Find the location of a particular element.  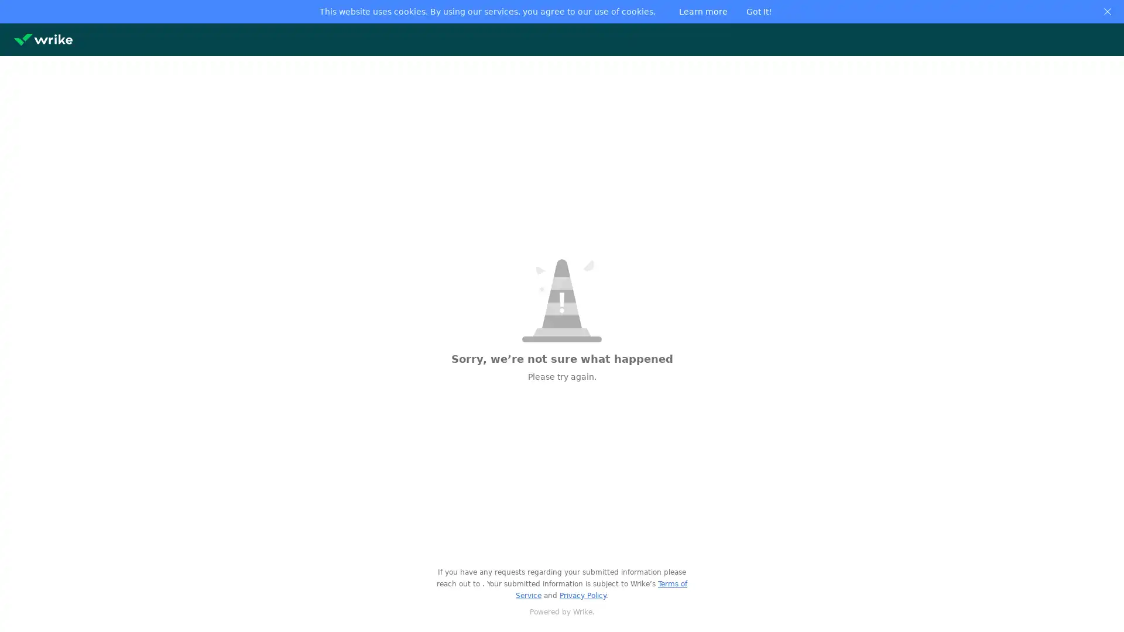

Got It! is located at coordinates (759, 11).